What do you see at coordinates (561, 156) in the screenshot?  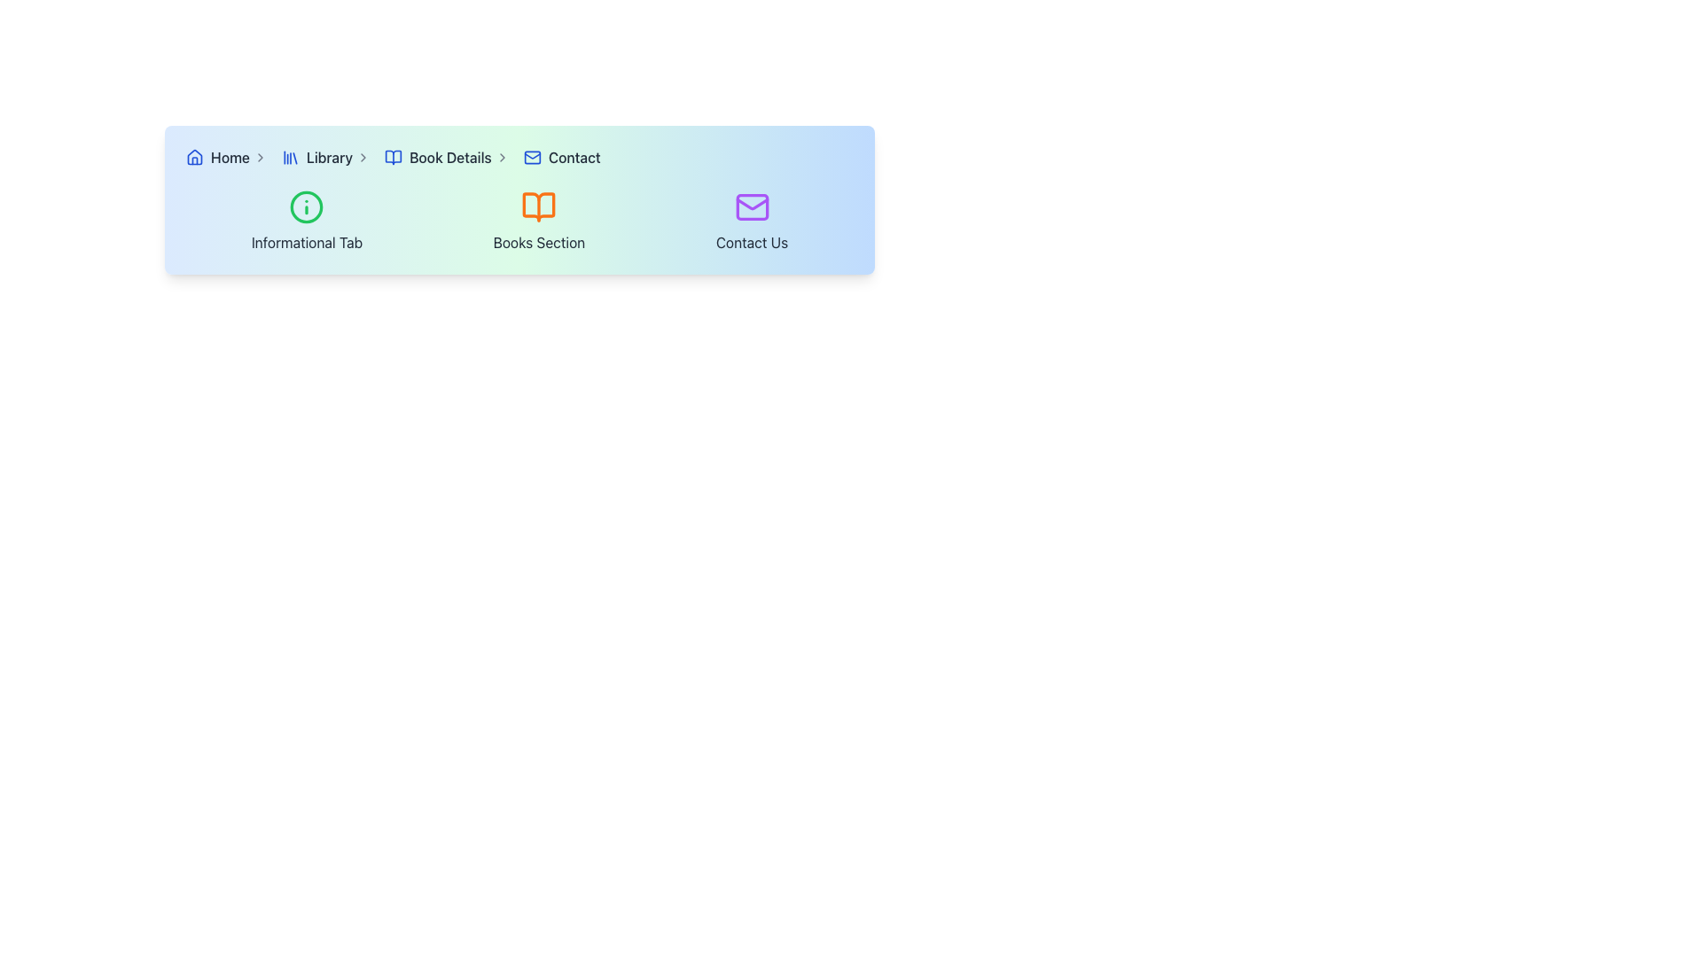 I see `the 'Contact' breadcrumb link that consists of an envelope icon and bold text` at bounding box center [561, 156].